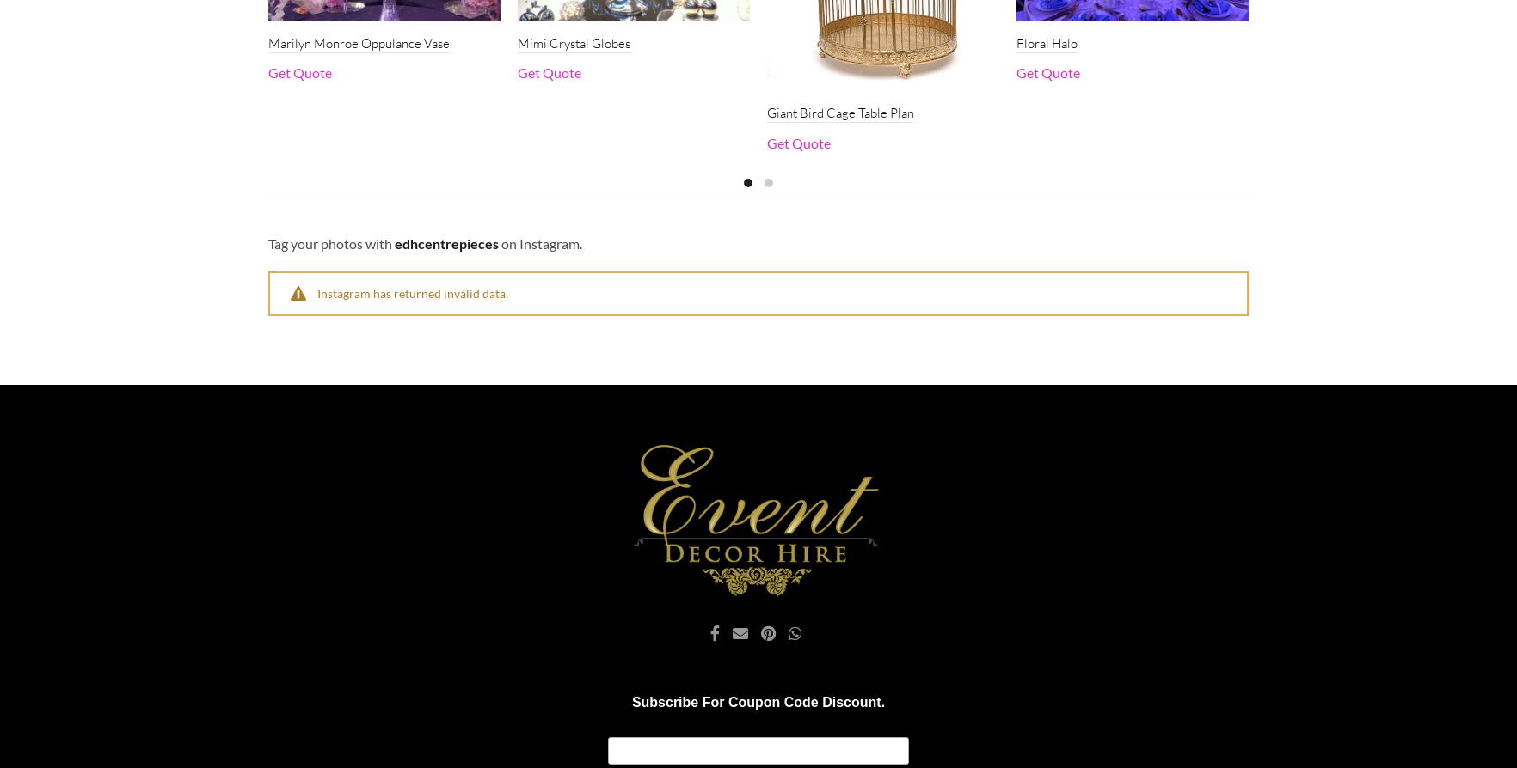  I want to click on 'Giant Bird Cage Table Plan', so click(839, 113).